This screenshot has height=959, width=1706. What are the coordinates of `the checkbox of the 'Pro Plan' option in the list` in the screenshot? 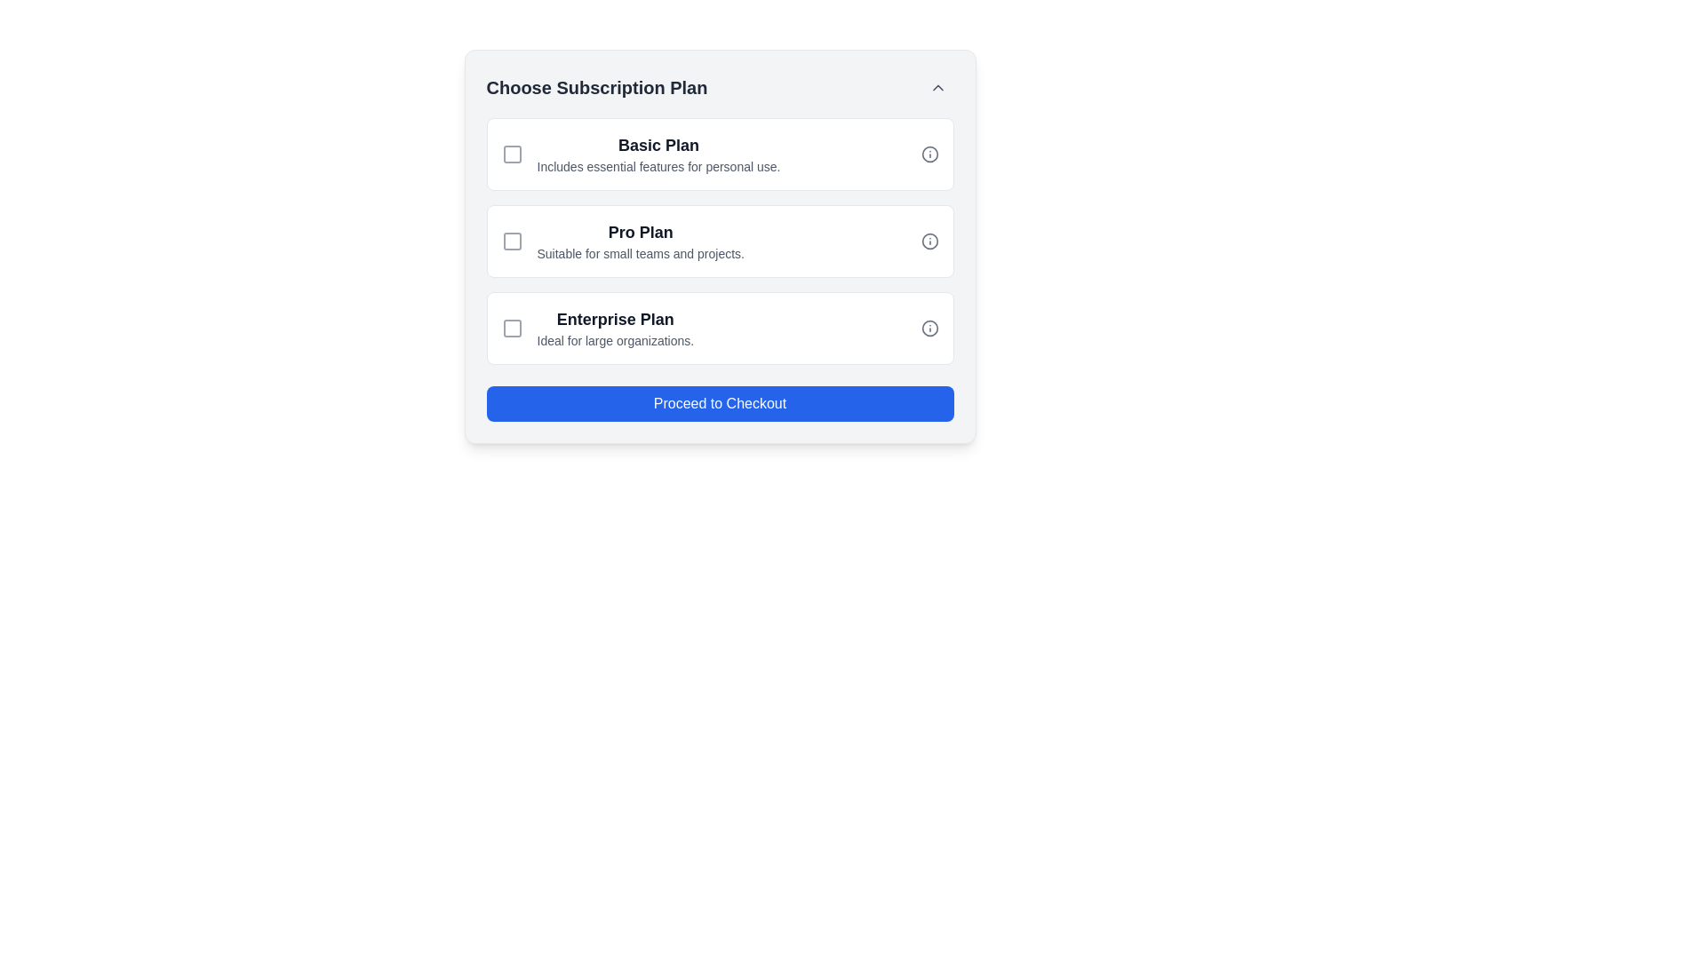 It's located at (720, 242).